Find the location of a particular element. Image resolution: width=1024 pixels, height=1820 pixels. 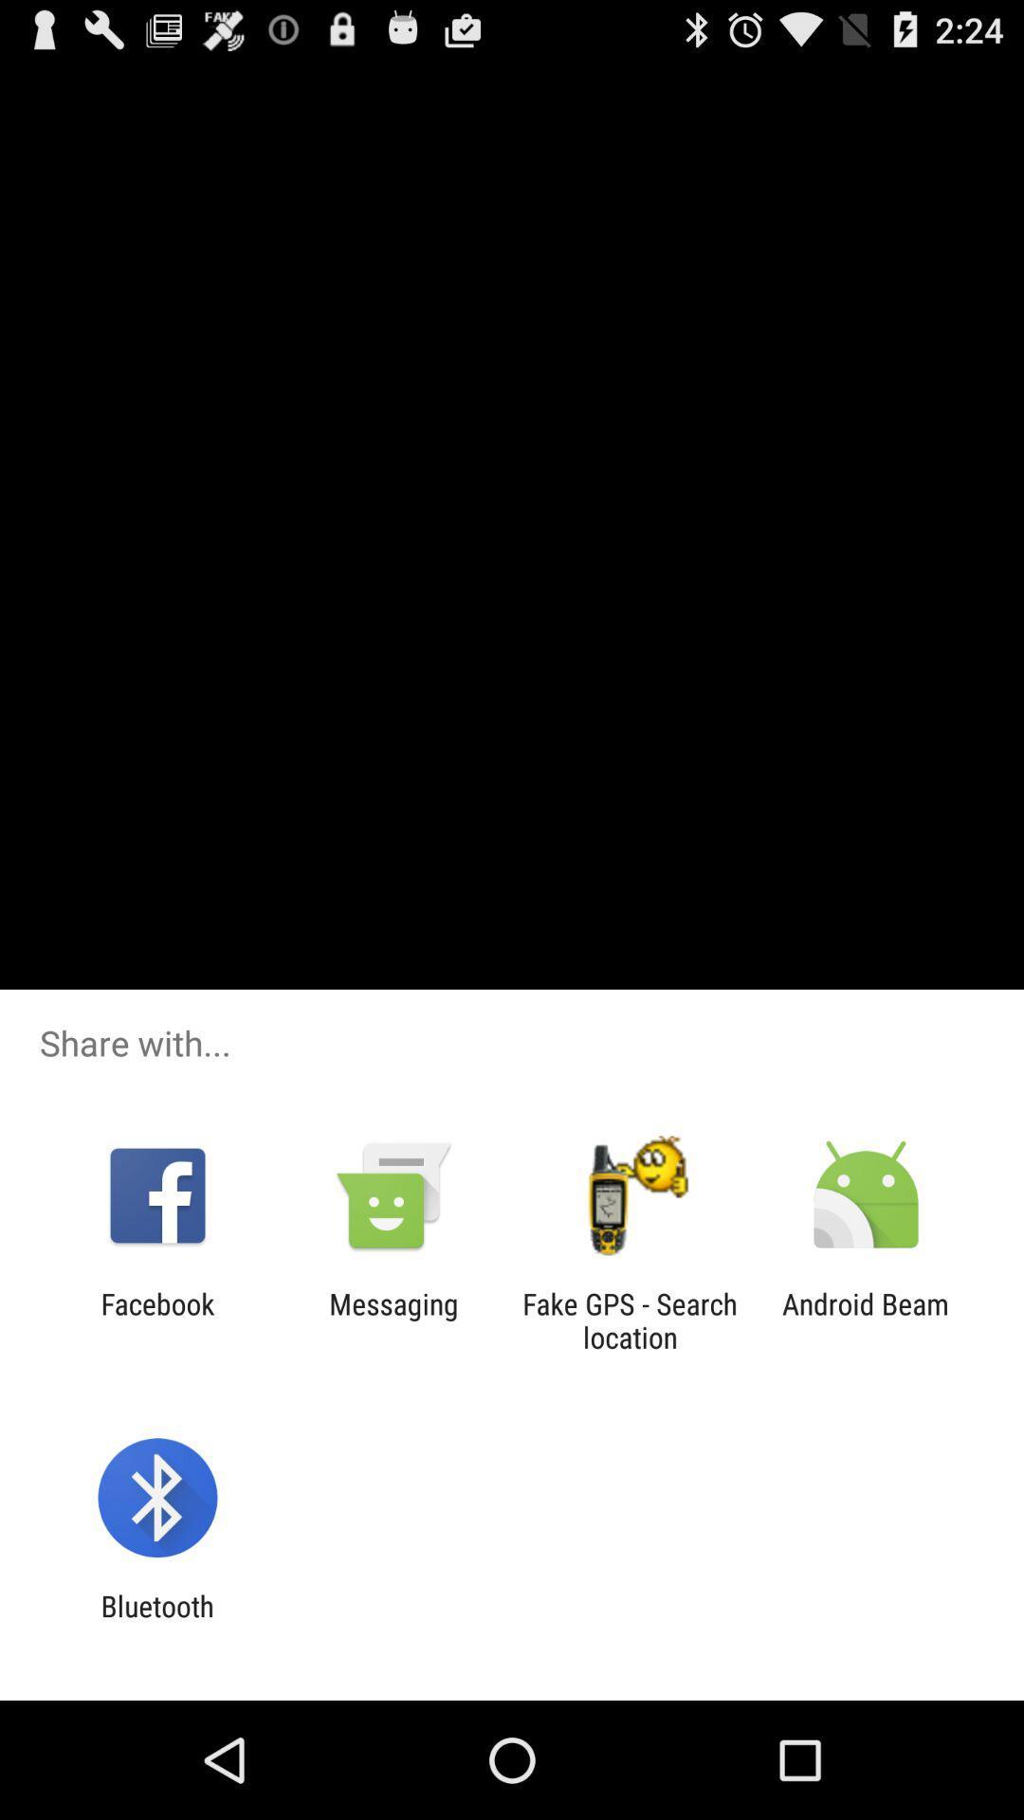

the icon to the right of messaging icon is located at coordinates (630, 1319).